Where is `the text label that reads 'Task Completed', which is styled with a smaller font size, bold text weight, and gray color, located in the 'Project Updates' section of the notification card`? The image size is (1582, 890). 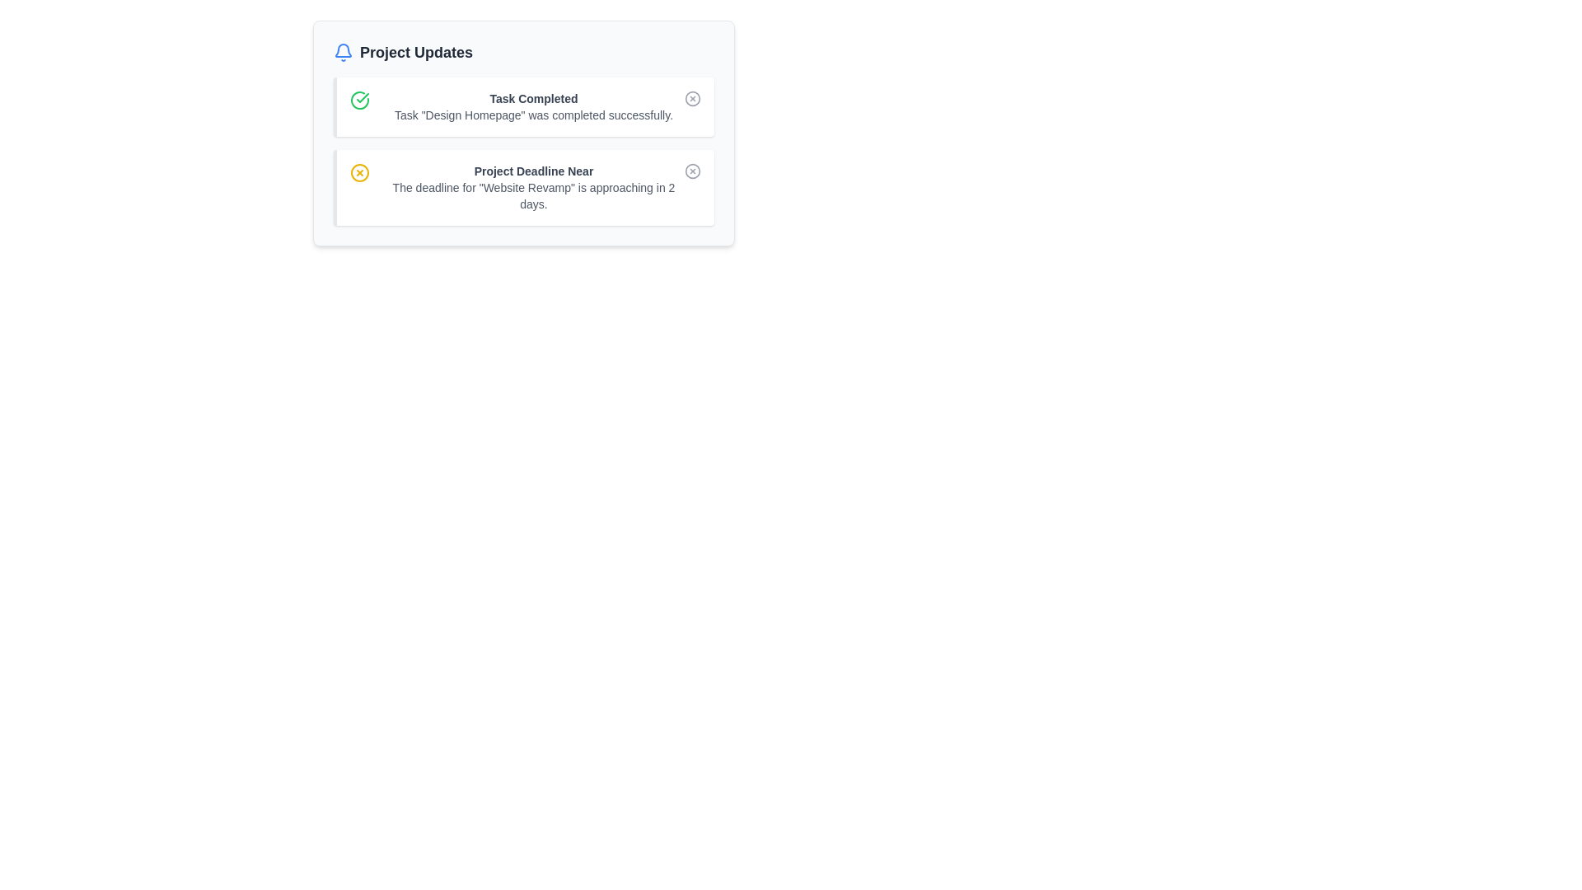 the text label that reads 'Task Completed', which is styled with a smaller font size, bold text weight, and gray color, located in the 'Project Updates' section of the notification card is located at coordinates (534, 98).